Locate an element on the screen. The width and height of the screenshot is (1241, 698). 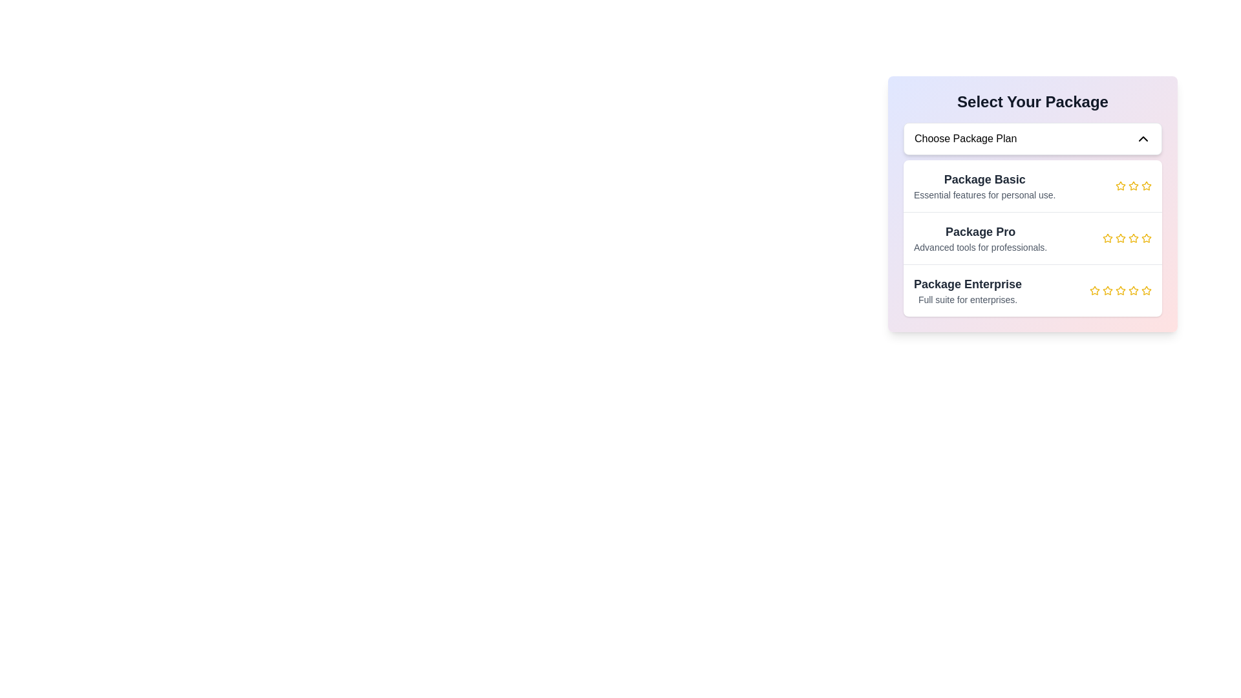
the second star icon in the rating section of the 'Package Pro' to rate it is located at coordinates (1132, 238).